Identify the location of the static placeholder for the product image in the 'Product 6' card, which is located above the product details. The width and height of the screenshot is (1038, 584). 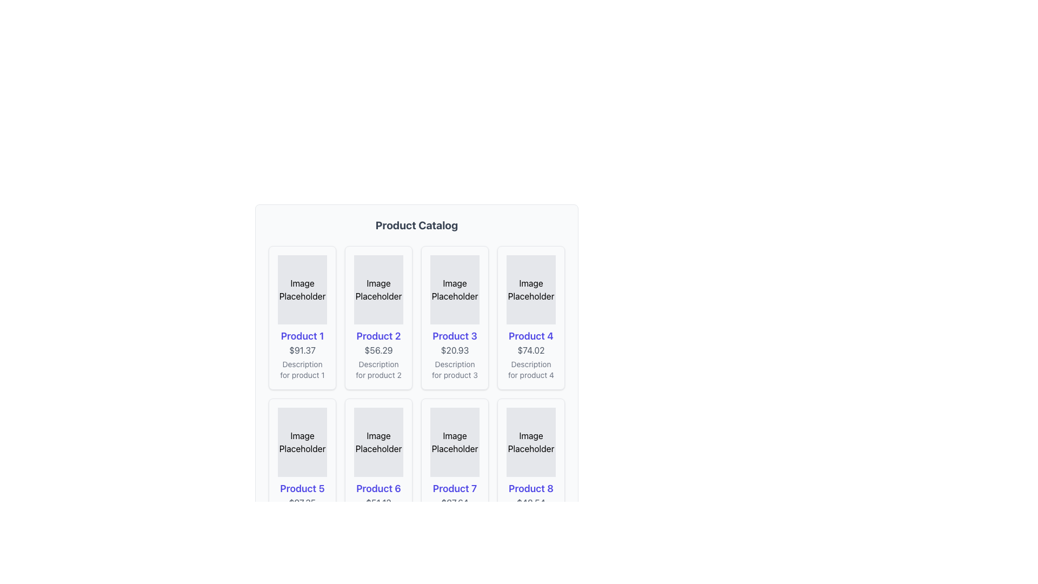
(378, 442).